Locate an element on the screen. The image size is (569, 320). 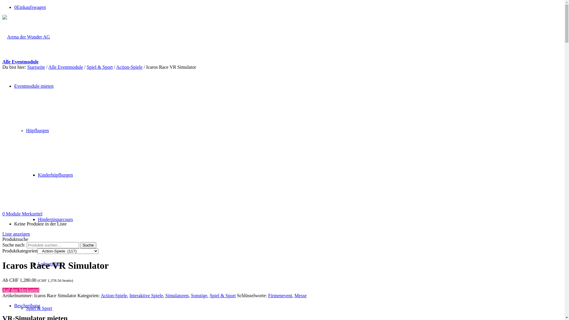
'Firmenevent' is located at coordinates (268, 295).